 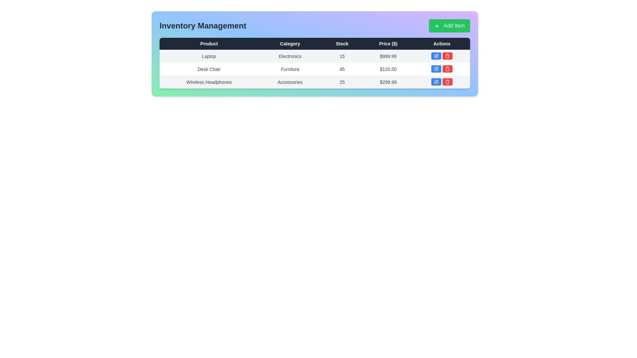 I want to click on the 'Laptop' text label located in the 'Product' column of the inventory management system table, which is positioned in the second row and is the leftmost element of that row, so click(x=209, y=56).